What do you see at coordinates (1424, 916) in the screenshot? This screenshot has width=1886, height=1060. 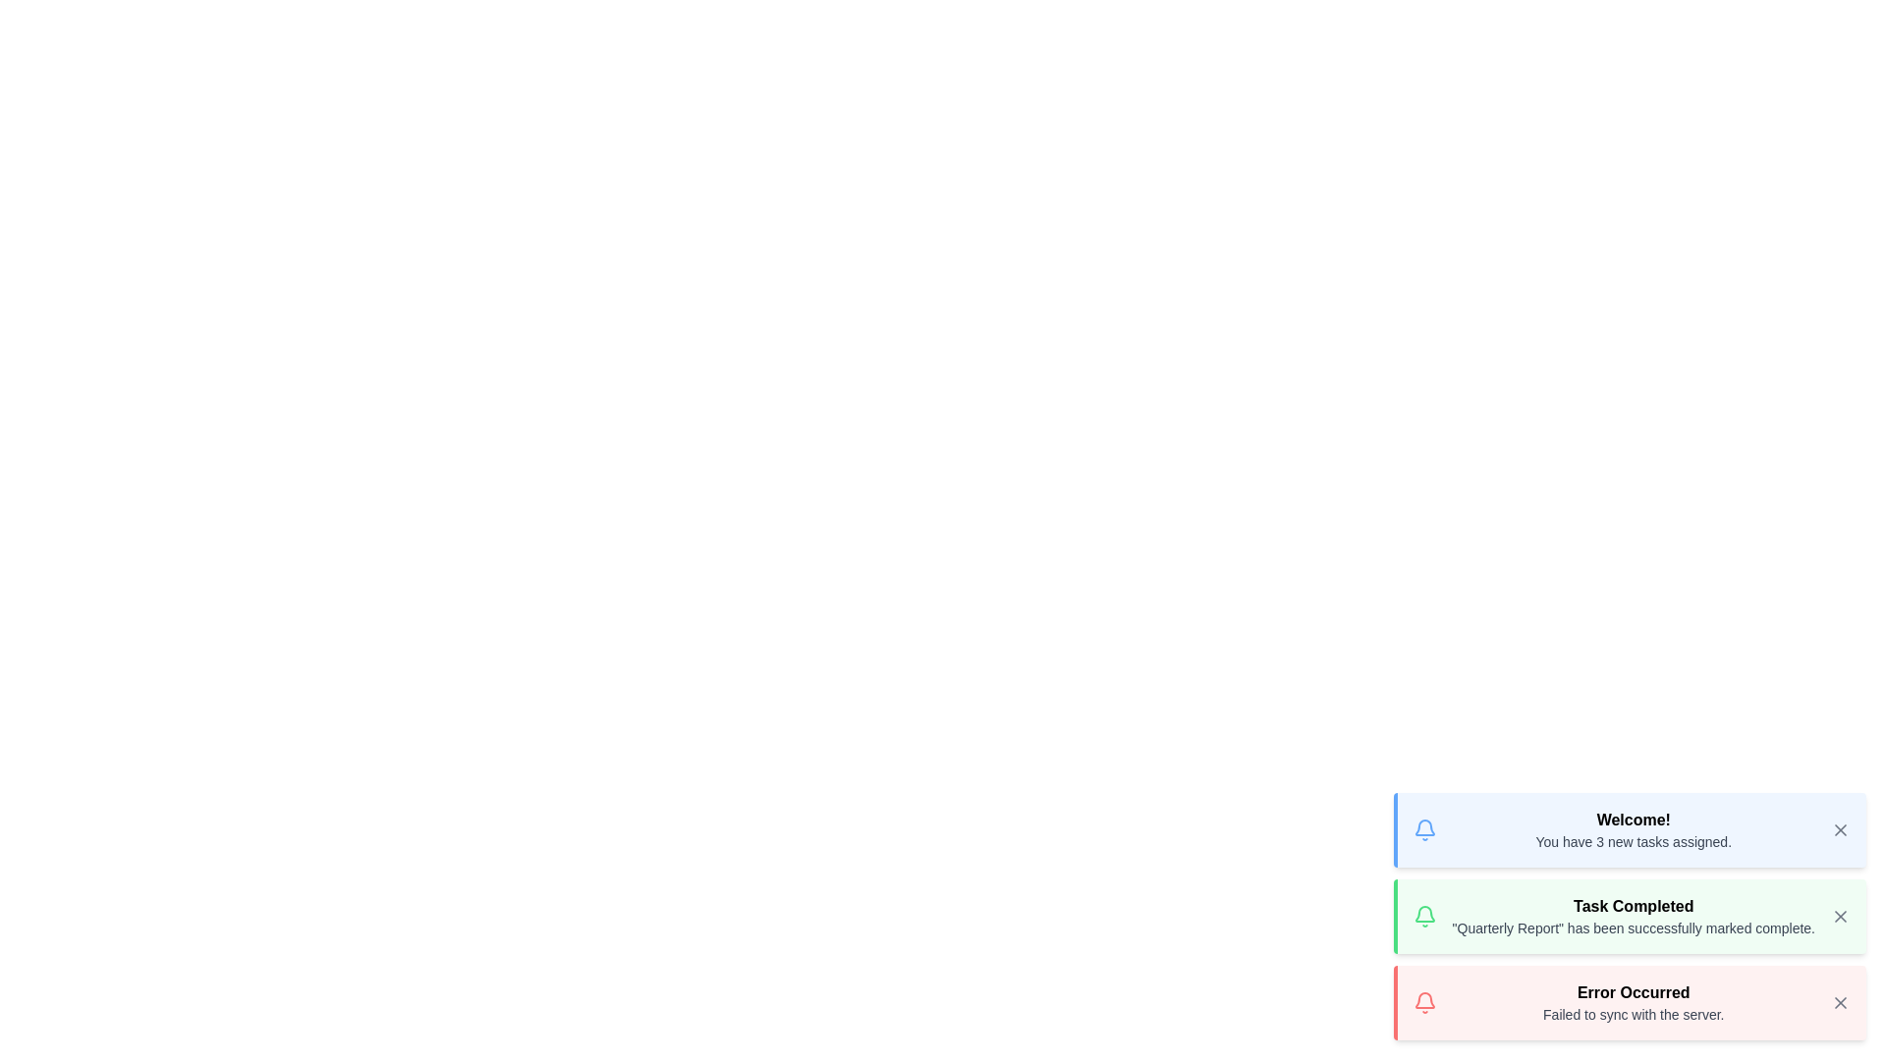 I see `the bell icon representing a notification, located on the left side of the green box labeled 'Task Completed'` at bounding box center [1424, 916].